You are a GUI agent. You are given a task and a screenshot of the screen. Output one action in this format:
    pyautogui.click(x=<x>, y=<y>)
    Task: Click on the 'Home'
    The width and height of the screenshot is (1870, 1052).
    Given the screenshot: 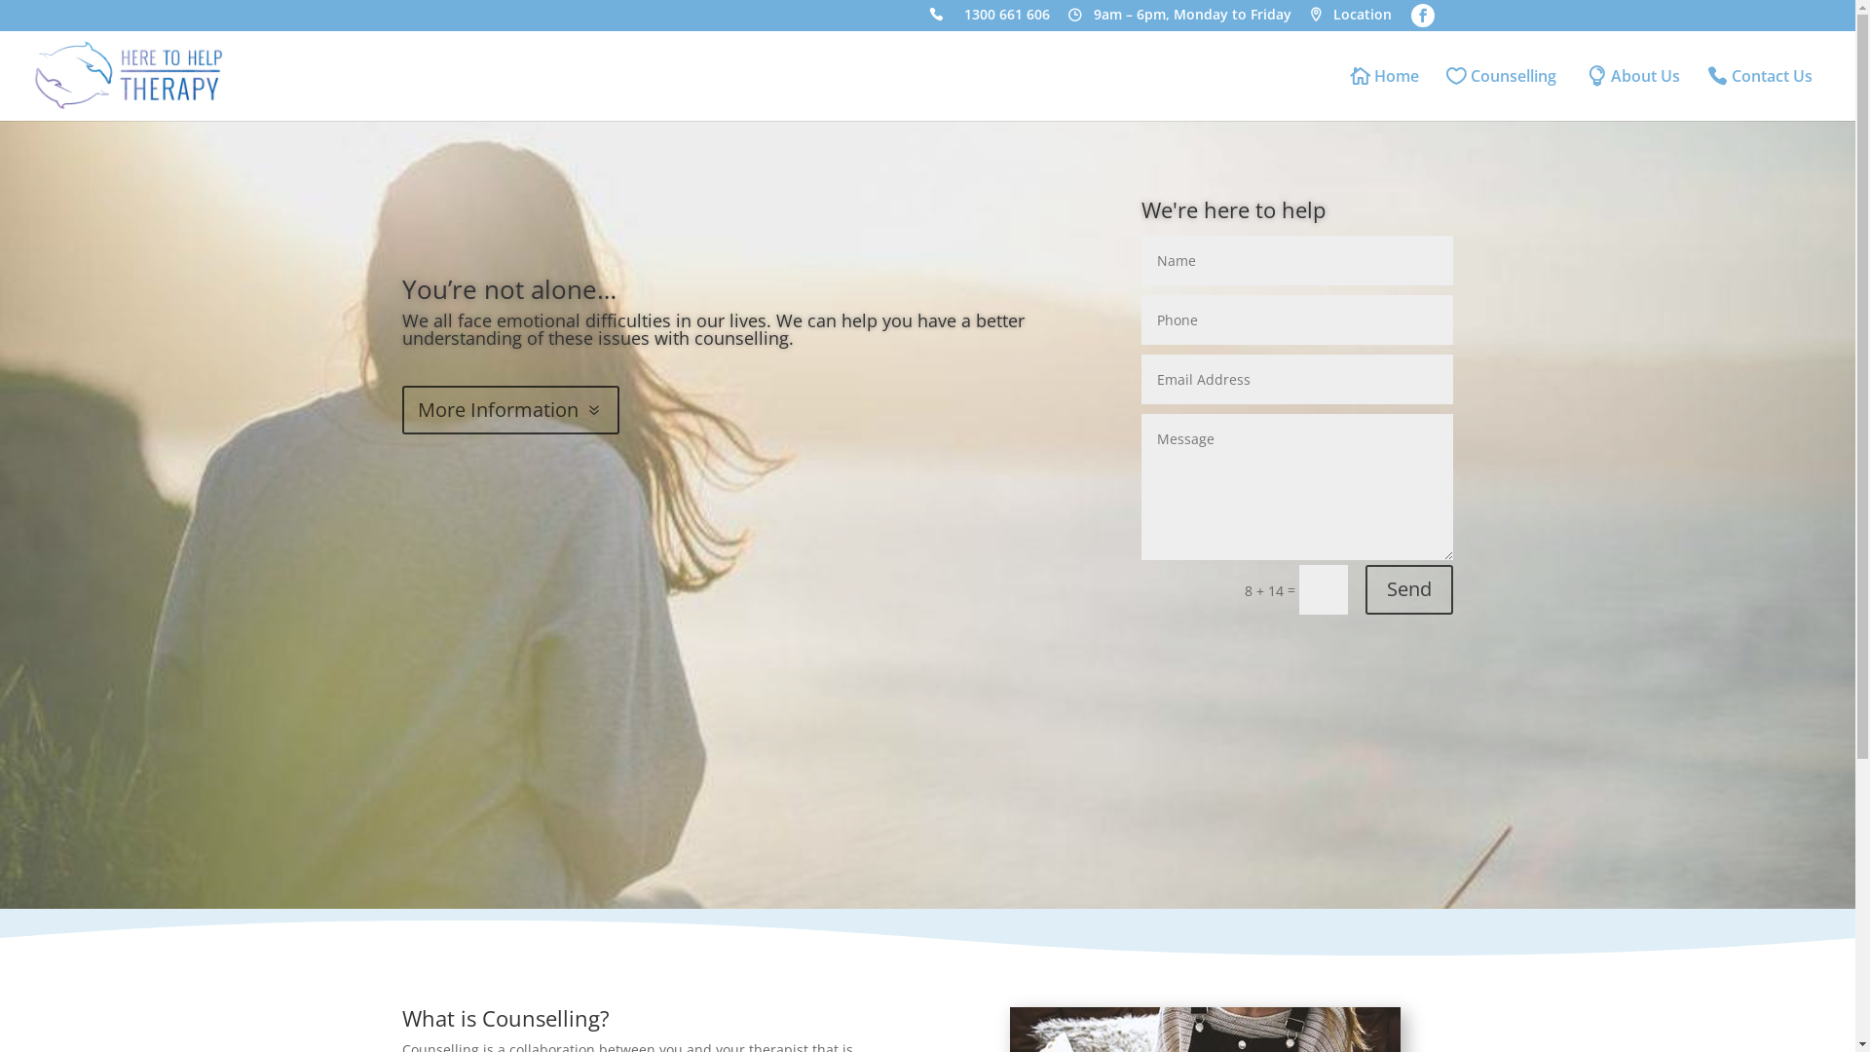 What is the action you would take?
    pyautogui.click(x=1384, y=94)
    